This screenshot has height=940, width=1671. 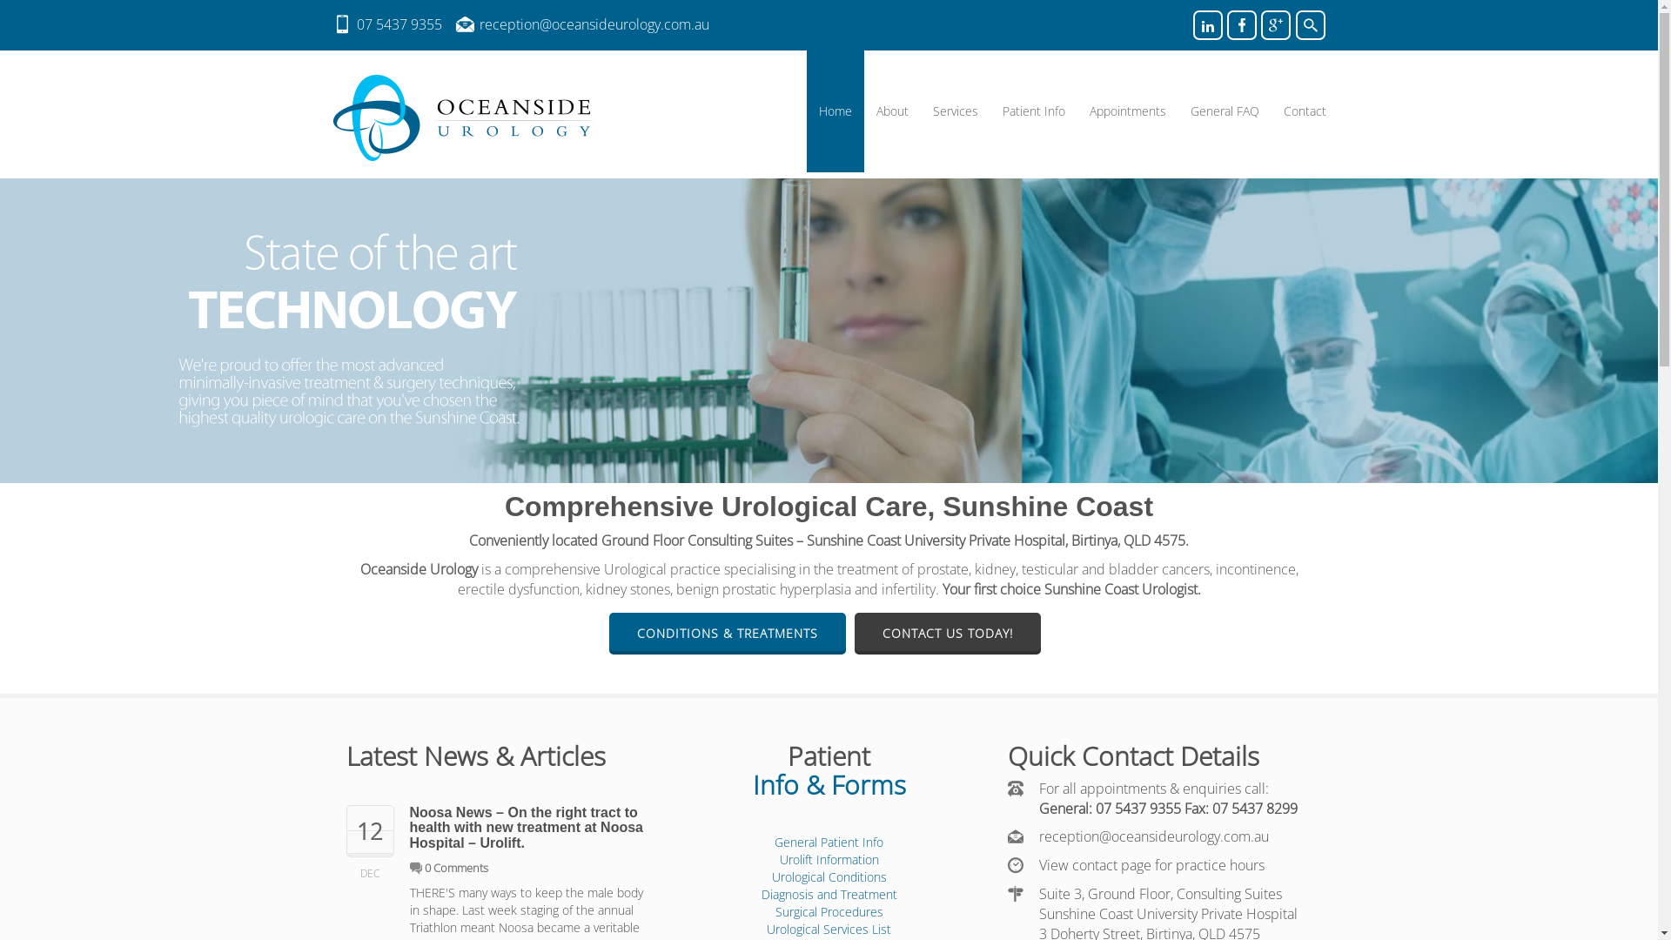 What do you see at coordinates (834, 111) in the screenshot?
I see `'Home'` at bounding box center [834, 111].